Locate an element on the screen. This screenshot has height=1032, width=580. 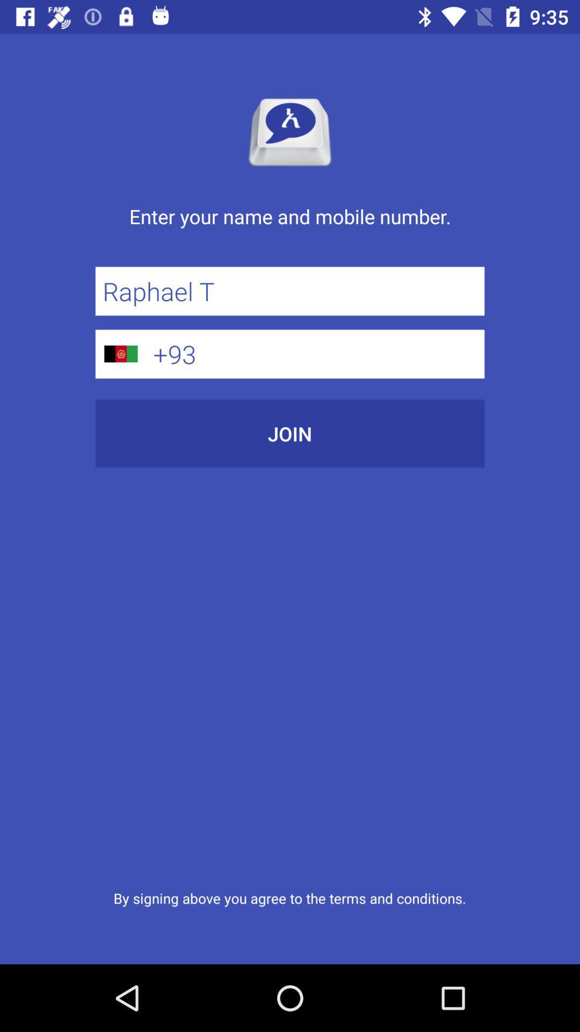
the enter your name item is located at coordinates (290, 227).